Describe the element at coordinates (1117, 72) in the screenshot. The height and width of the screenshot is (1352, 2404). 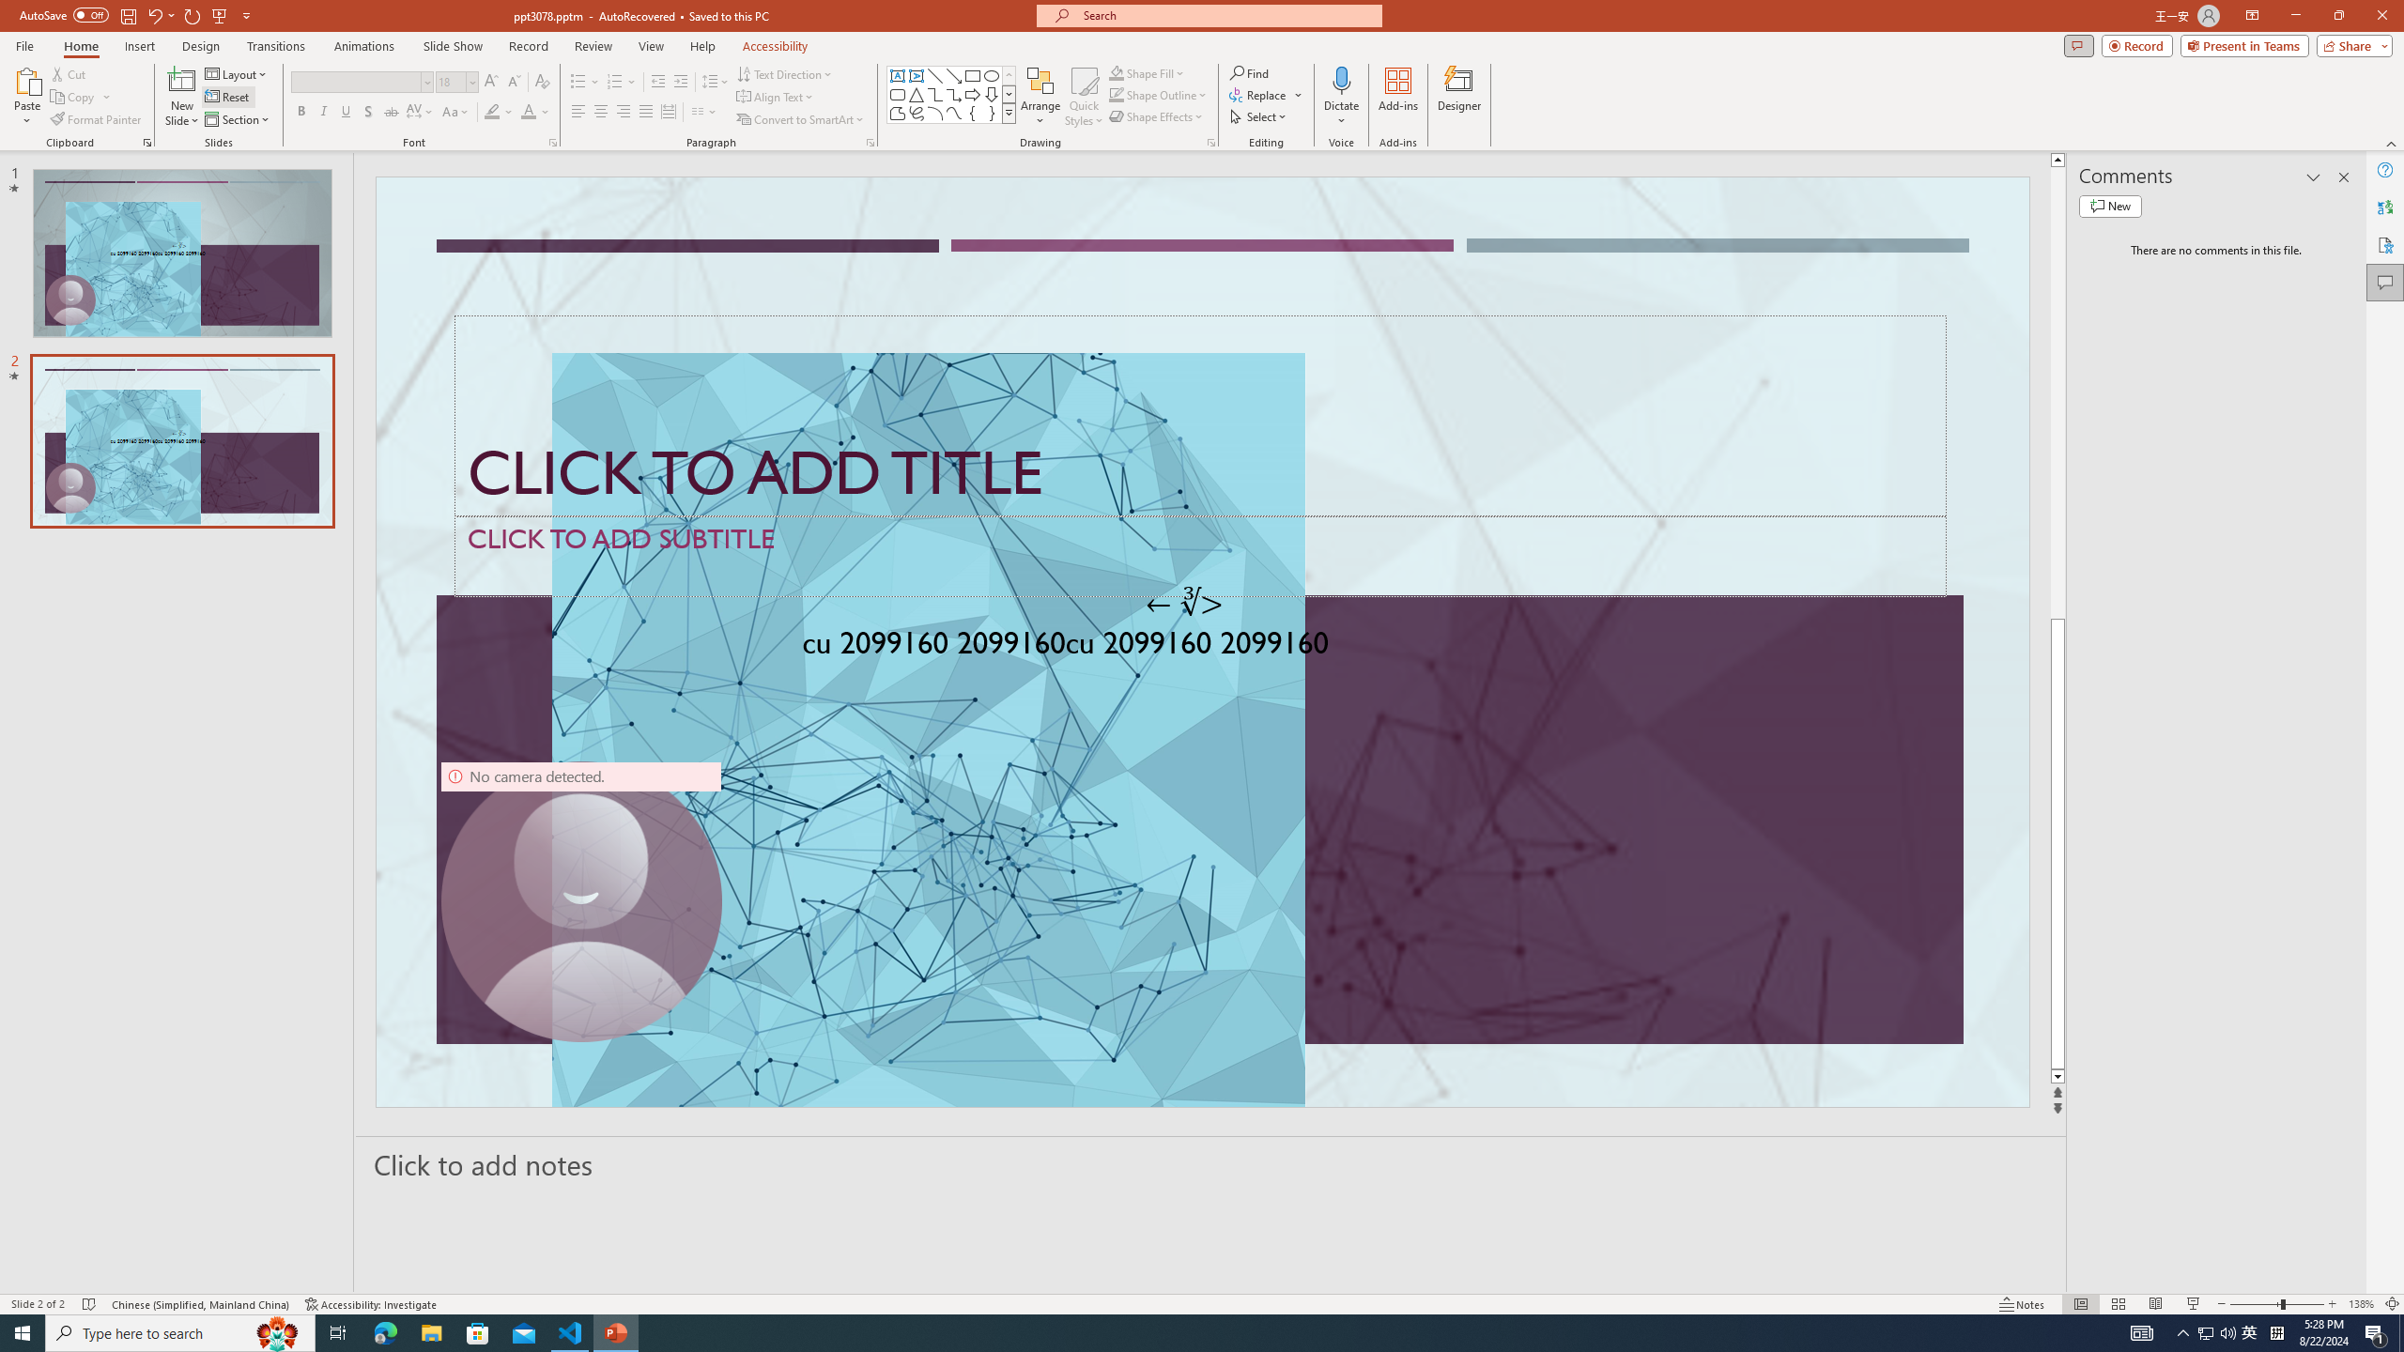
I see `'Shape Fill Dark Green, Accent 2'` at that location.